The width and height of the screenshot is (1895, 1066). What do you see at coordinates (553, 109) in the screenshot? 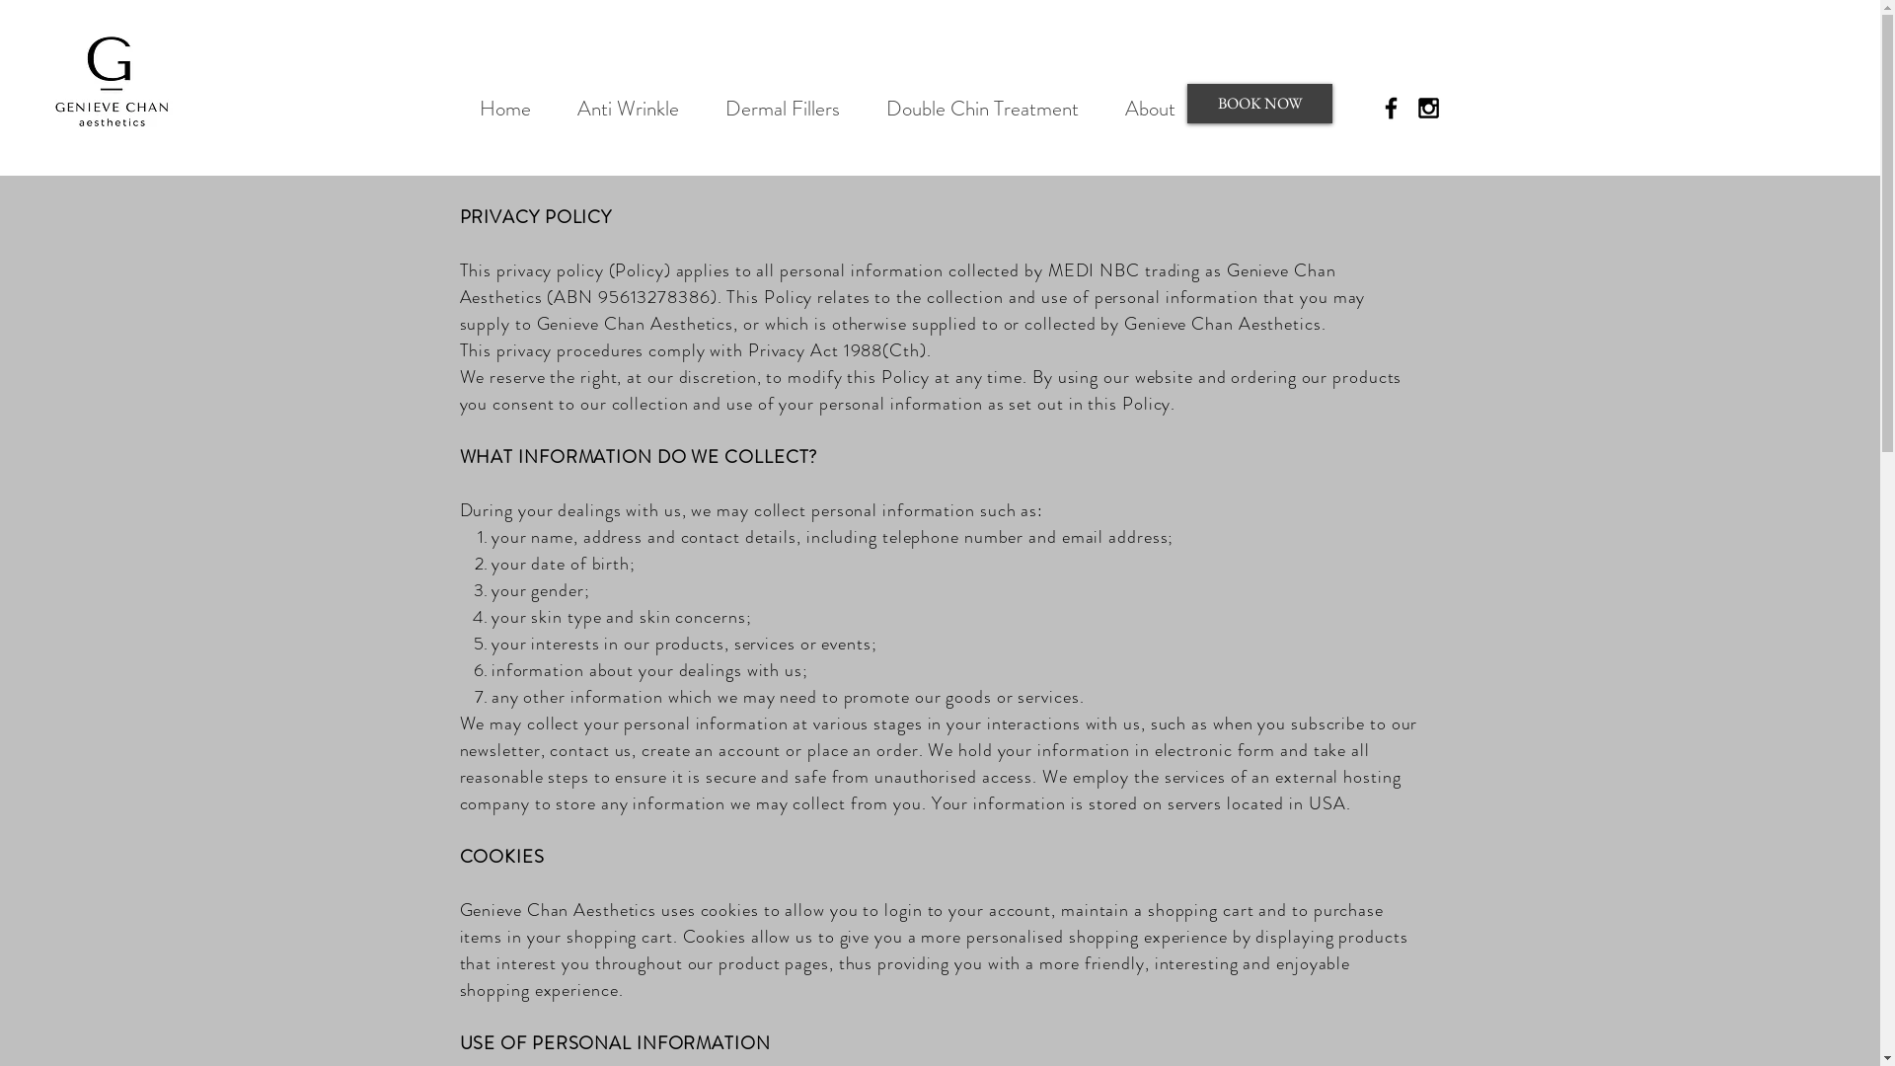
I see `'Anti Wrinkle'` at bounding box center [553, 109].